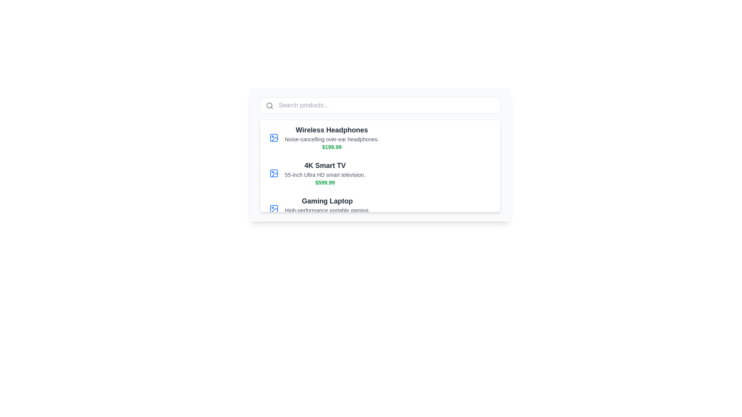  Describe the element at coordinates (325, 165) in the screenshot. I see `the product title label that displays the name or title of the product, located above the description and price within the product listing layout` at that location.